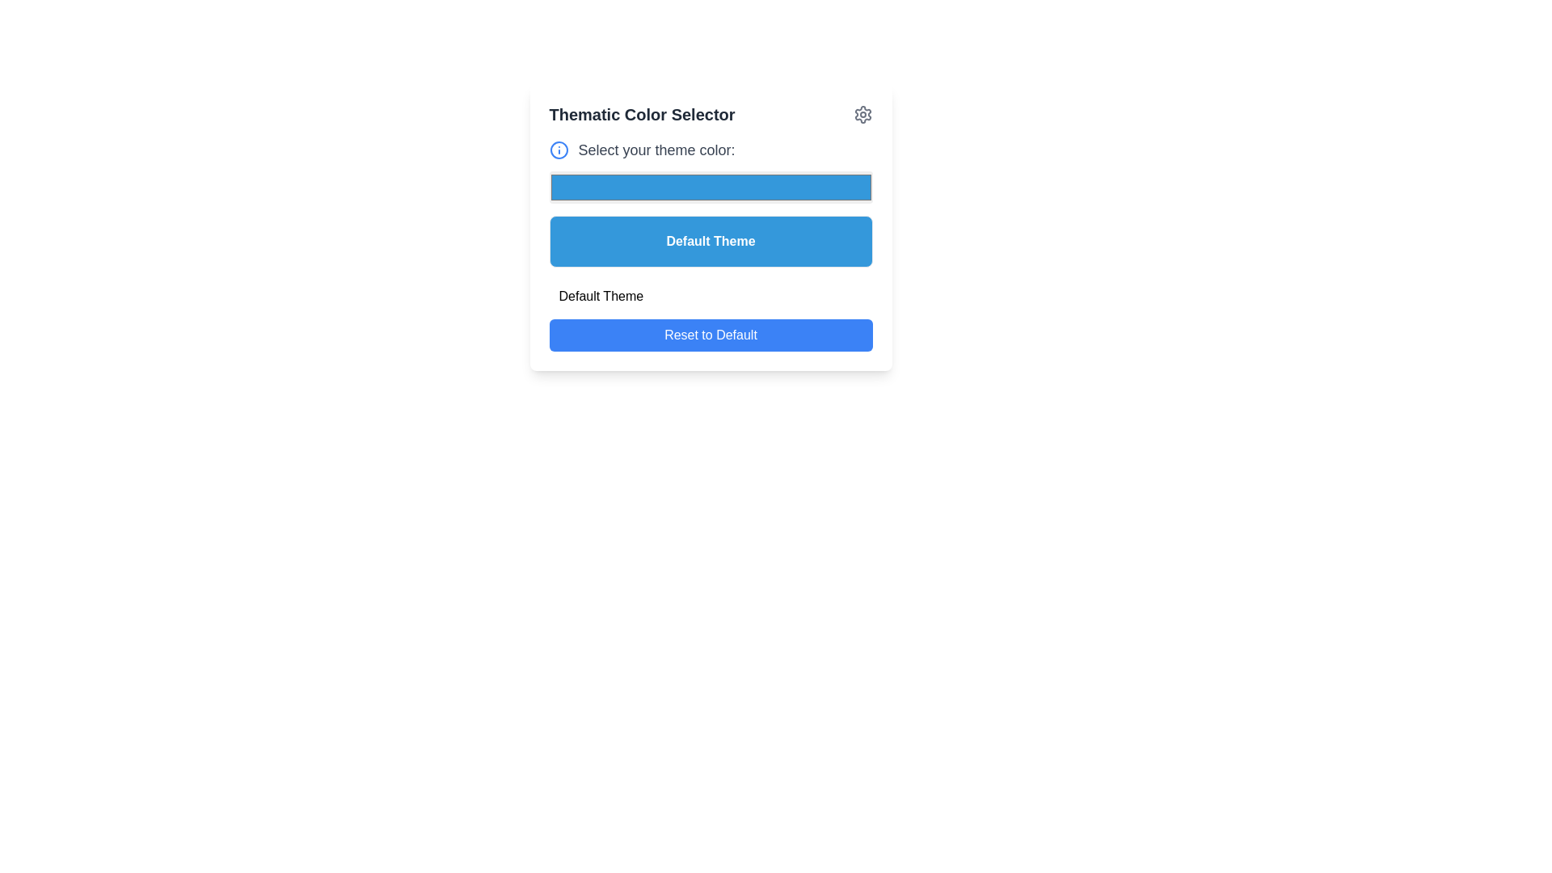 The height and width of the screenshot is (873, 1552). What do you see at coordinates (711, 227) in the screenshot?
I see `the decorative button that represents the current theme color, located centrally below the color selection input field, to interact with it` at bounding box center [711, 227].